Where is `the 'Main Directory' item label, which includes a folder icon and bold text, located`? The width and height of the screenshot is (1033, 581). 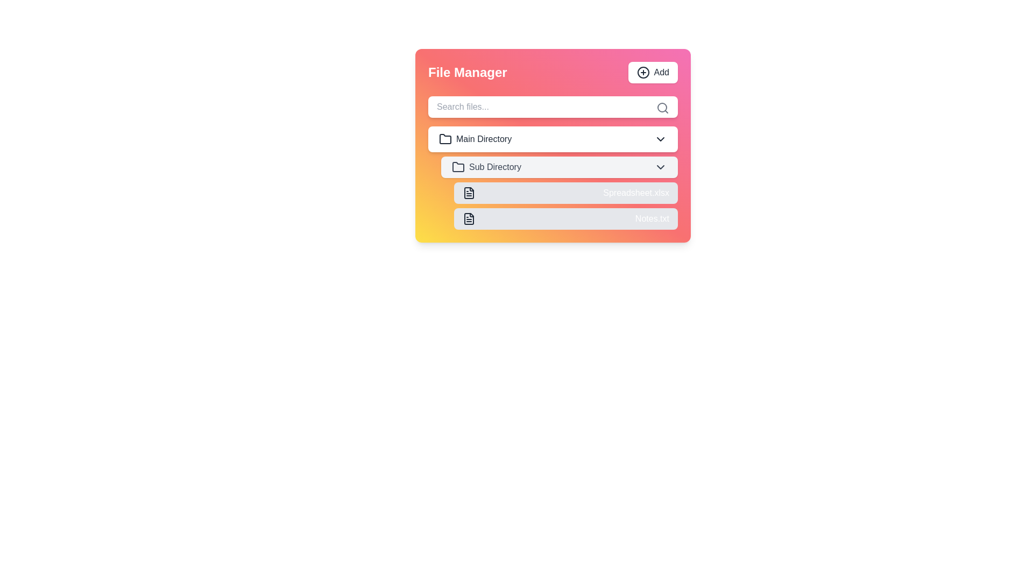 the 'Main Directory' item label, which includes a folder icon and bold text, located is located at coordinates (475, 138).